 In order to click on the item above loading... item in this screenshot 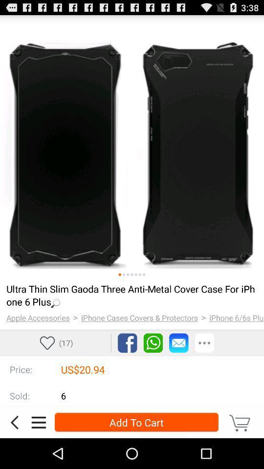, I will do `click(120, 275)`.